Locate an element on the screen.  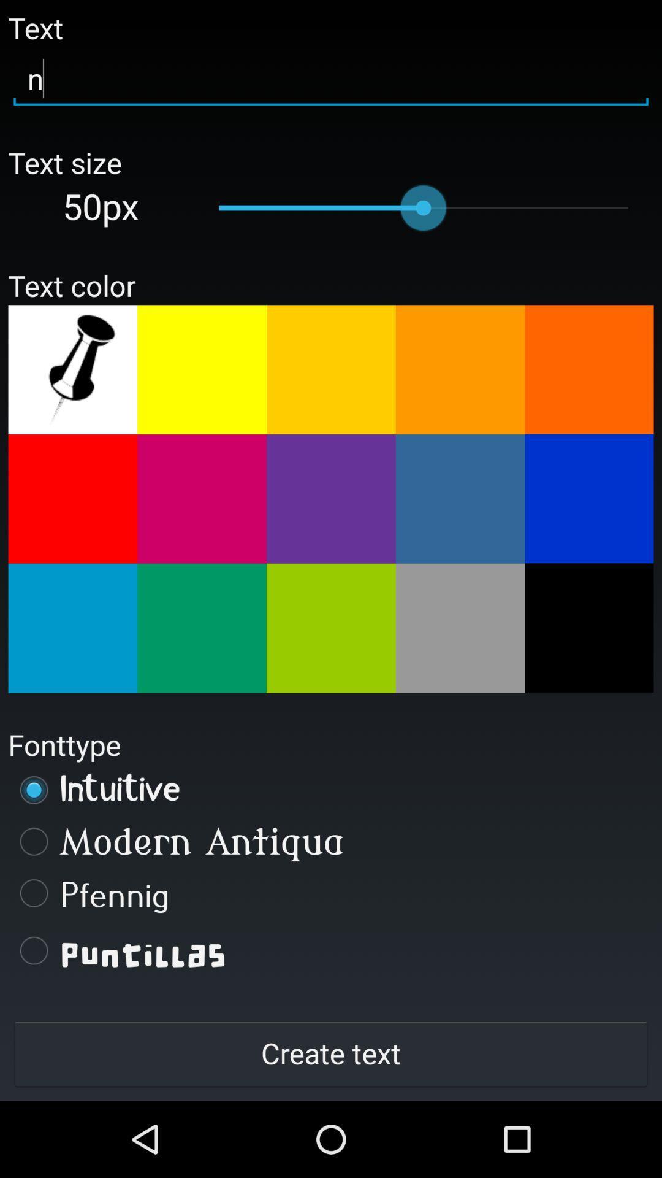
gray text color is located at coordinates (460, 628).